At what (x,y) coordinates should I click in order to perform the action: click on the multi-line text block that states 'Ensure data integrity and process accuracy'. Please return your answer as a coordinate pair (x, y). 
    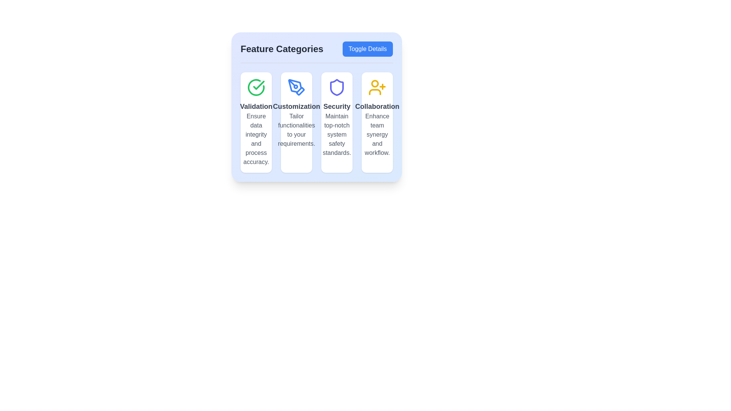
    Looking at the image, I should click on (256, 139).